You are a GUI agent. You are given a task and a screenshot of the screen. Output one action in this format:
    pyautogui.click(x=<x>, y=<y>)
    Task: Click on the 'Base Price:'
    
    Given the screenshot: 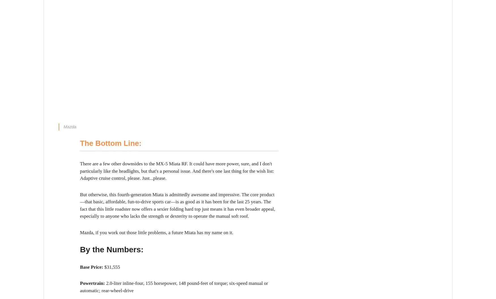 What is the action you would take?
    pyautogui.click(x=92, y=267)
    